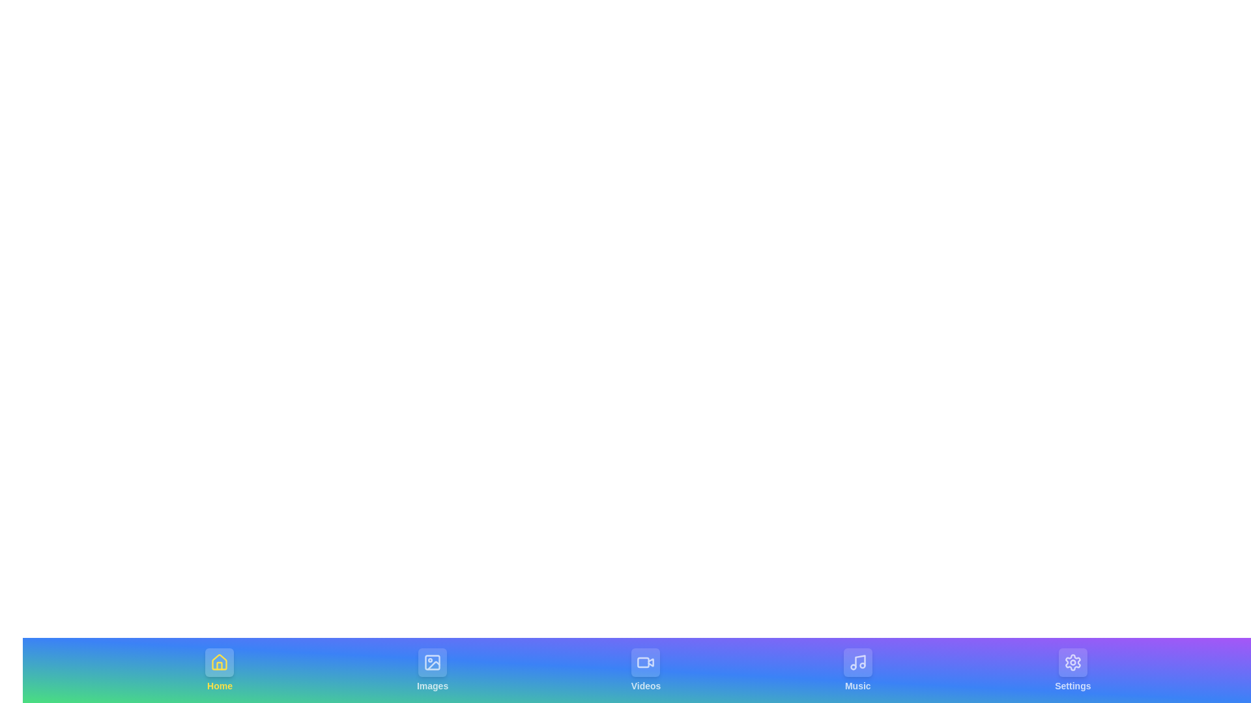  I want to click on the tab labeled Videos by clicking on its center, so click(645, 670).